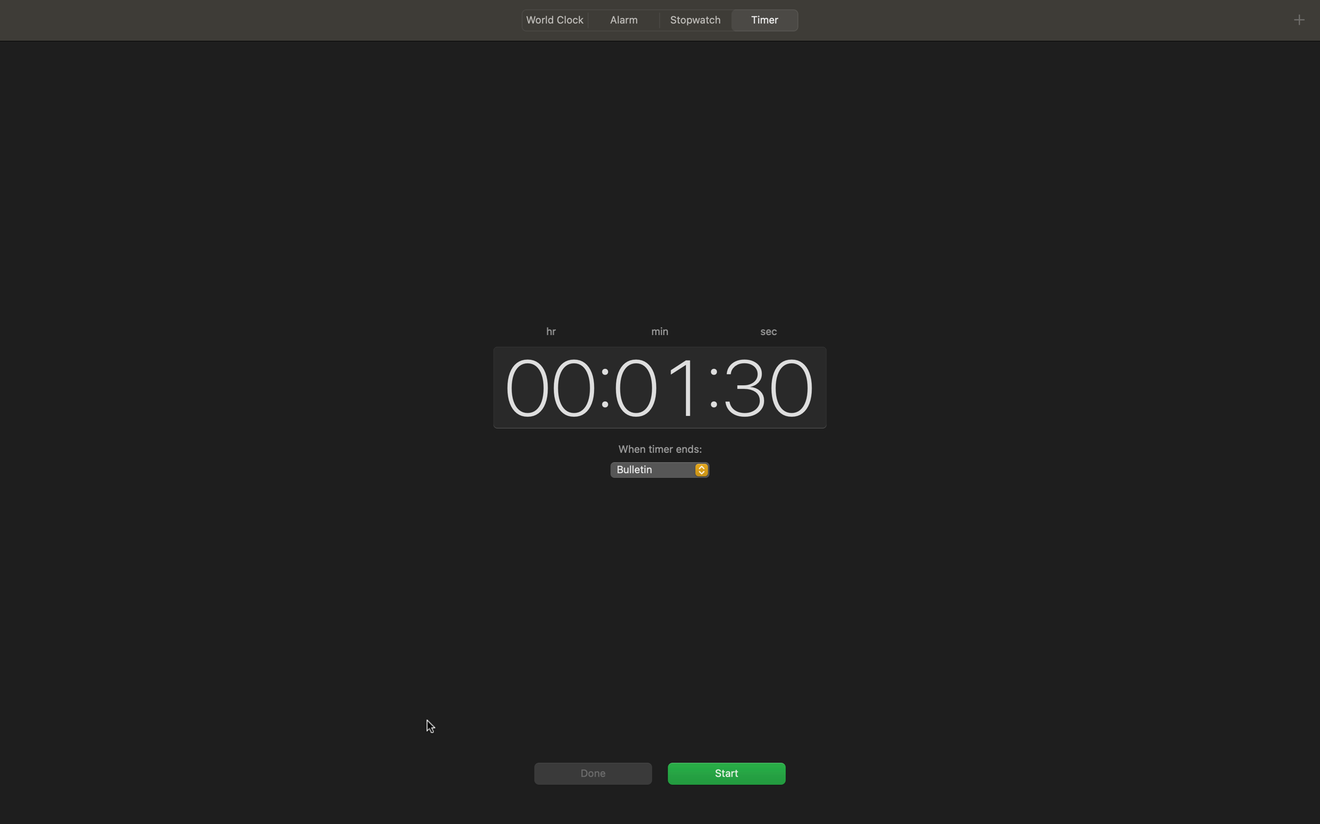 This screenshot has width=1320, height=824. What do you see at coordinates (726, 772) in the screenshot?
I see `Stop Timing` at bounding box center [726, 772].